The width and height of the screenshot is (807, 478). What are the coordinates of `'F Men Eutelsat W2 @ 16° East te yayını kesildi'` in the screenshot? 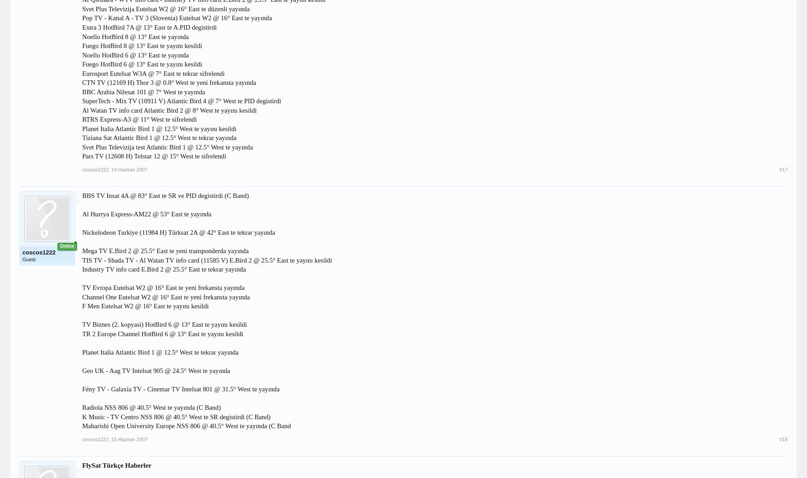 It's located at (145, 306).